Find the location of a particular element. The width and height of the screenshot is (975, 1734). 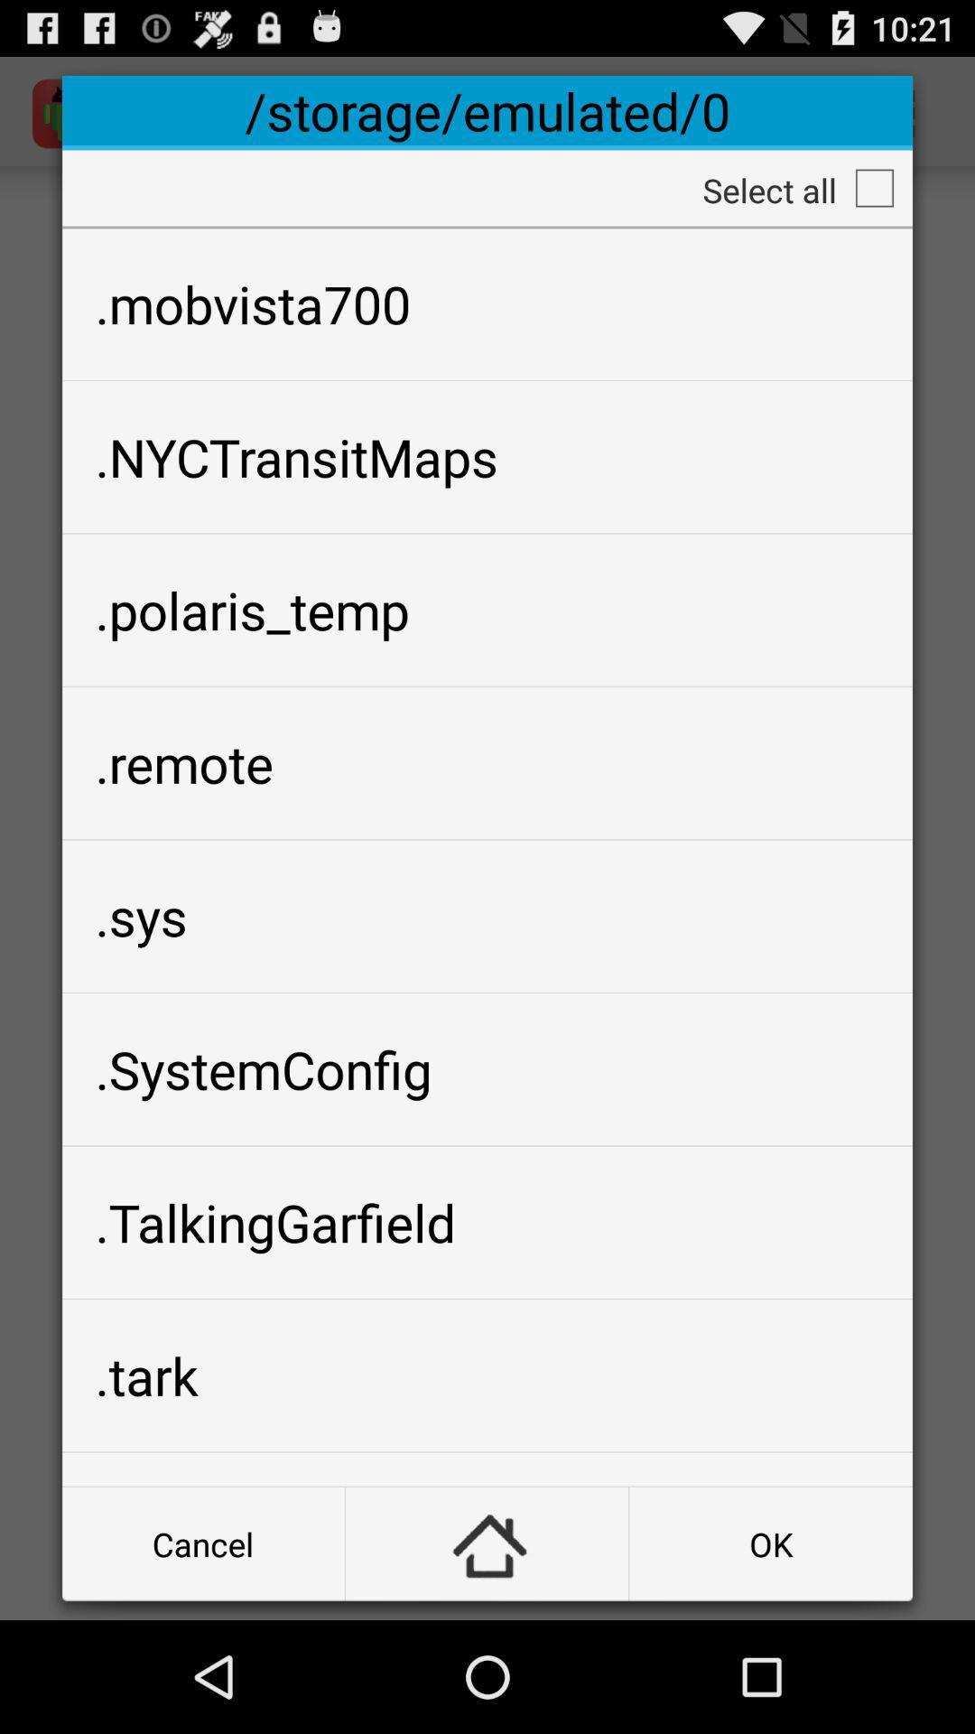

app below the .polaris_temp item is located at coordinates (487, 763).